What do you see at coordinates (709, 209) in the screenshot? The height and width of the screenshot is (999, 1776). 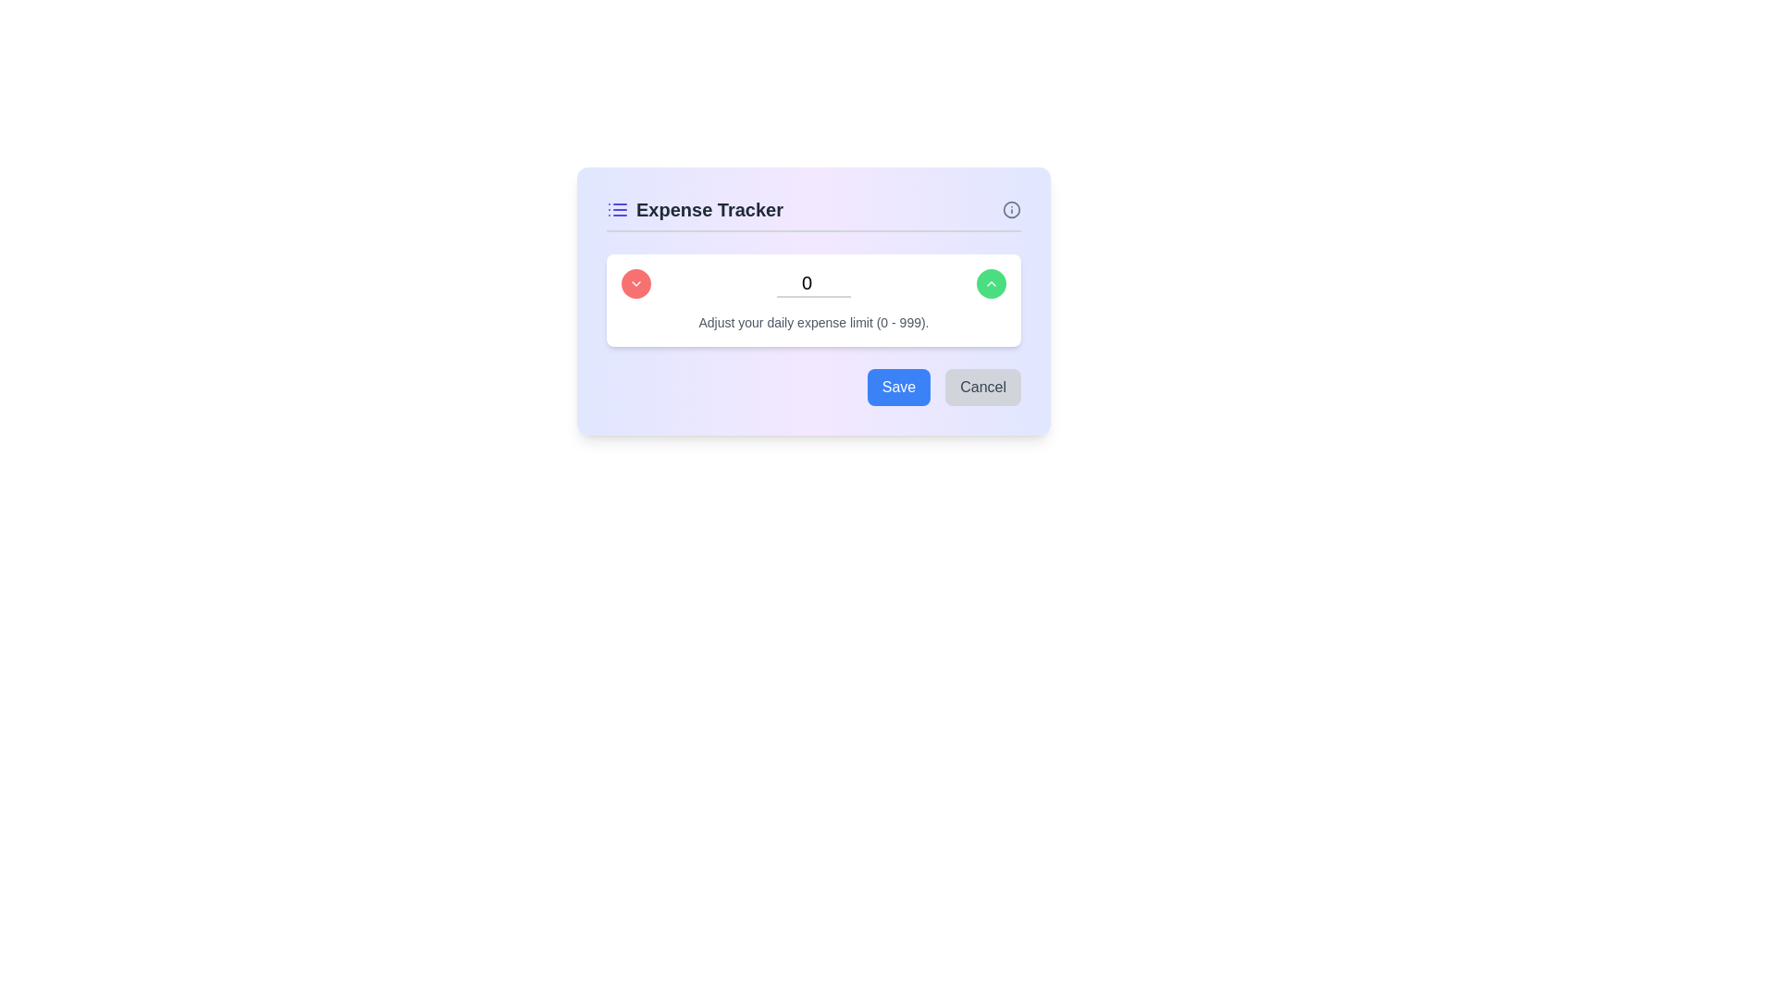 I see `the bold text label displaying 'Expense Tracker' located in the header section of the card-like interface, aligned to the center-right` at bounding box center [709, 209].